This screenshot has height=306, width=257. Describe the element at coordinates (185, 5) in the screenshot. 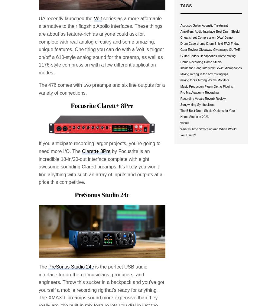

I see `'Tags'` at that location.